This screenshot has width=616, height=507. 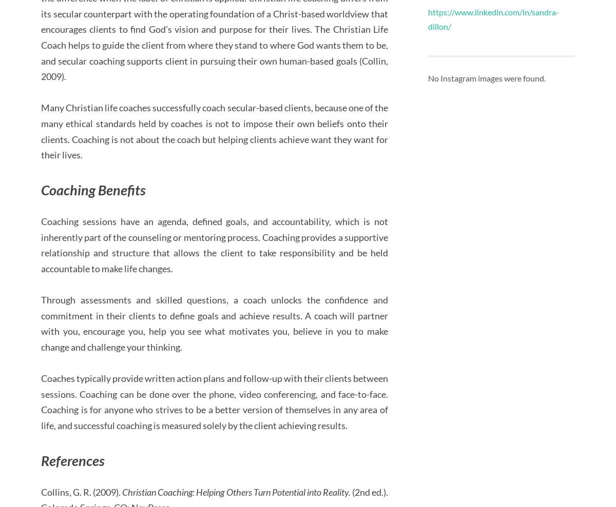 What do you see at coordinates (427, 77) in the screenshot?
I see `'No Instagram images were found.'` at bounding box center [427, 77].